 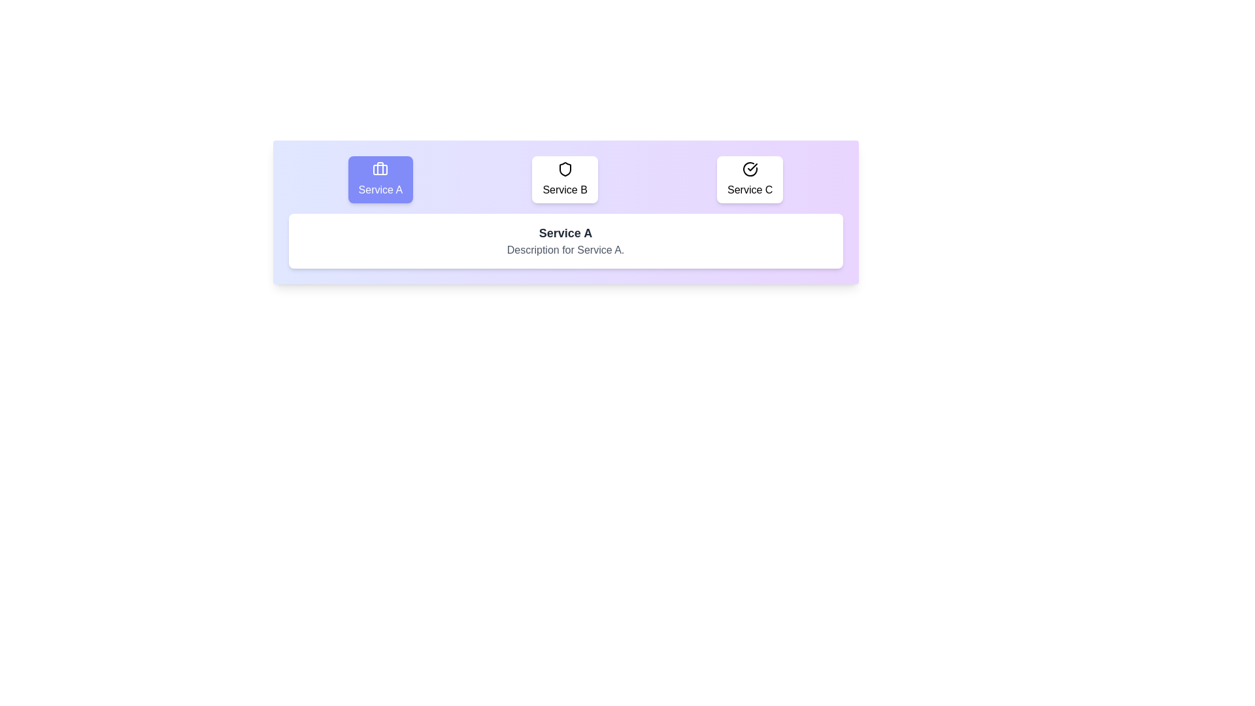 What do you see at coordinates (565, 179) in the screenshot?
I see `the 'Service B' button, which is the second button in a group of three horizontally arranged buttons labeled 'Service A', 'Service B', and 'Service C'` at bounding box center [565, 179].